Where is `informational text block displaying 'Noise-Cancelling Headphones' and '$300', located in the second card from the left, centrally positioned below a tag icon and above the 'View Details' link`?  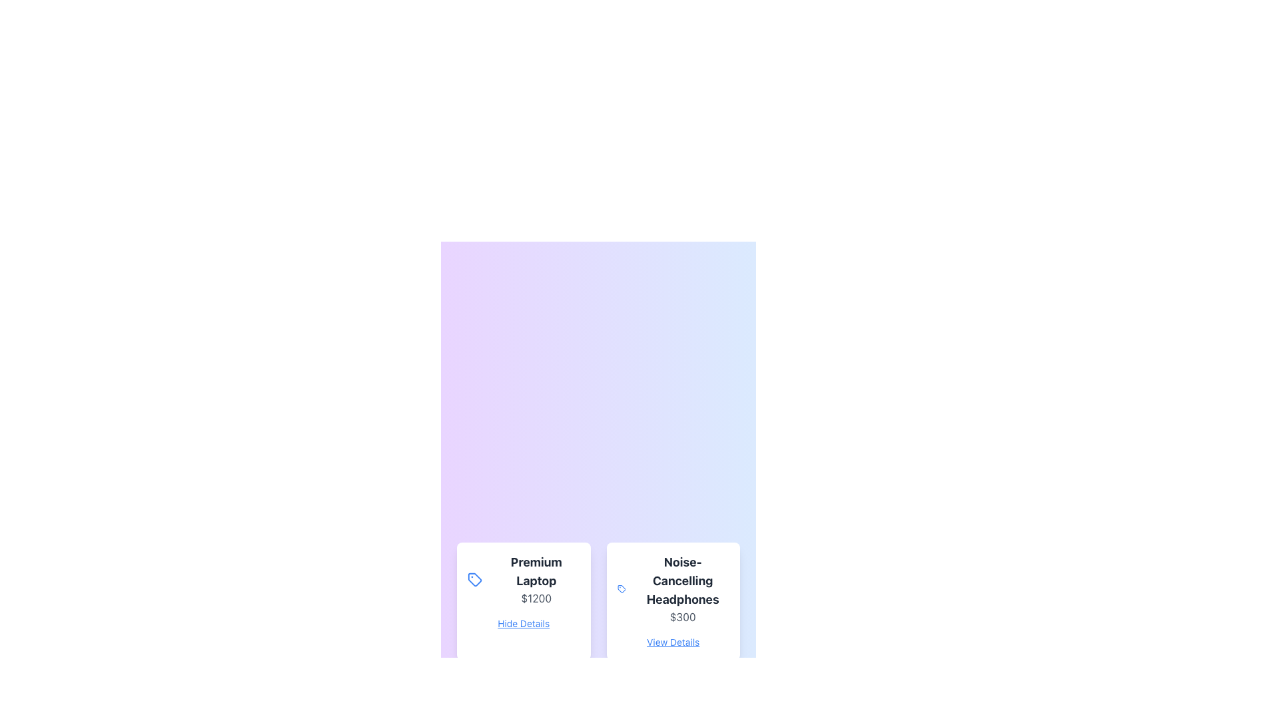
informational text block displaying 'Noise-Cancelling Headphones' and '$300', located in the second card from the left, centrally positioned below a tag icon and above the 'View Details' link is located at coordinates (683, 588).